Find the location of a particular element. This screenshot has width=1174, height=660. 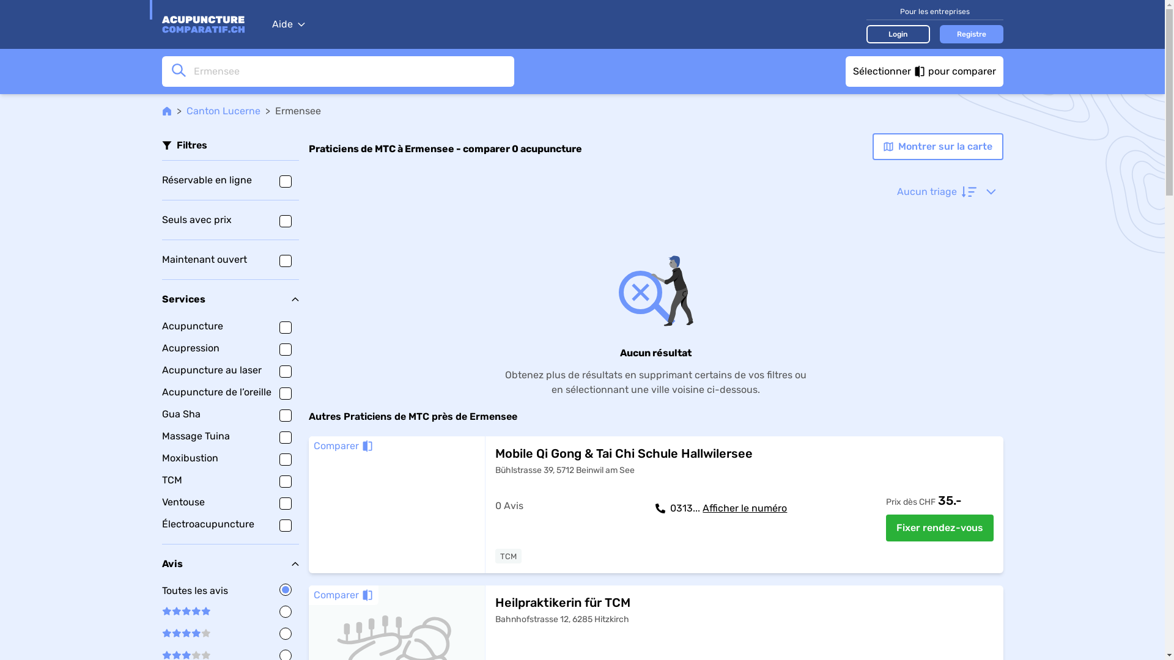

'Maintenant ouvert' is located at coordinates (229, 258).